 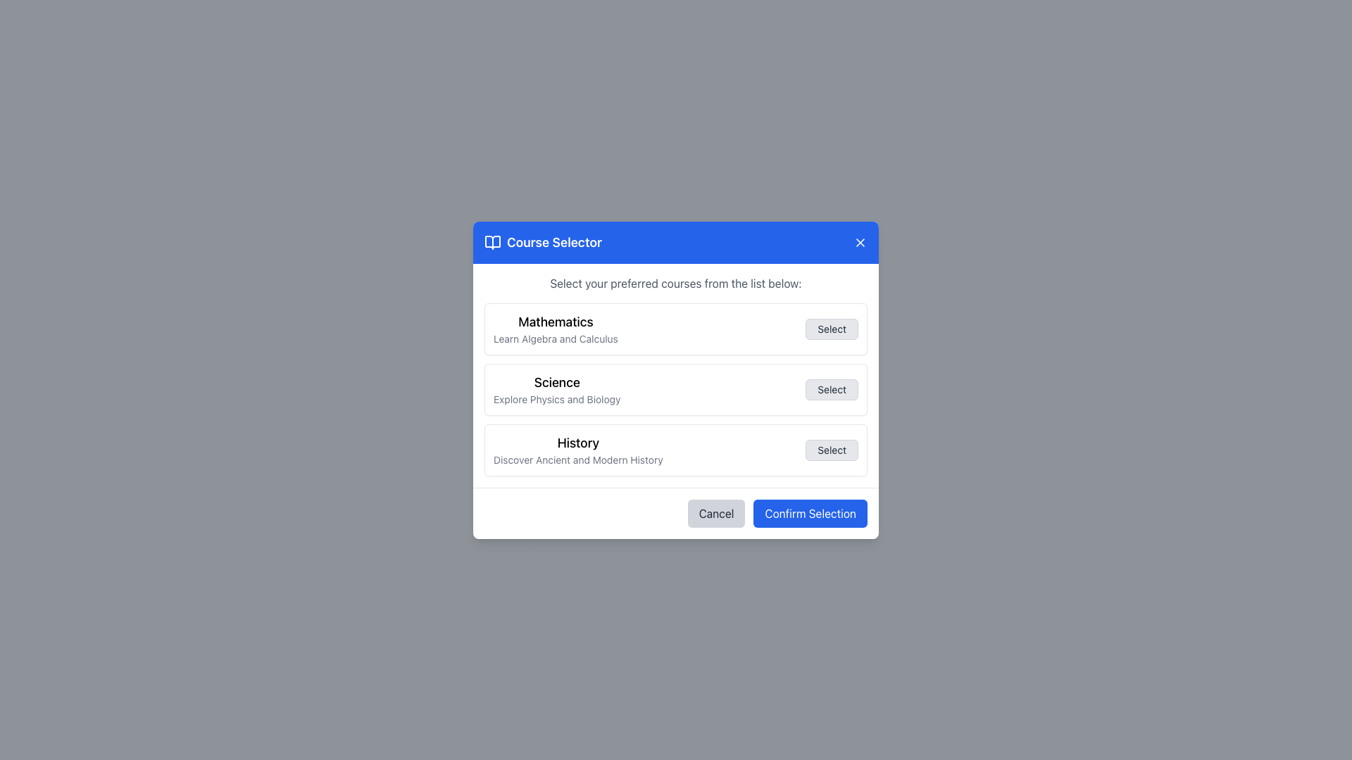 What do you see at coordinates (860, 241) in the screenshot?
I see `the close button, which is a white cross icon located at the top-right corner of the 'Course Selector' header section` at bounding box center [860, 241].